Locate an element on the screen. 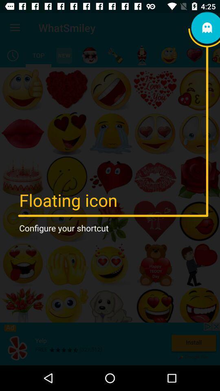 The height and width of the screenshot is (391, 220). celebration icons is located at coordinates (115, 55).